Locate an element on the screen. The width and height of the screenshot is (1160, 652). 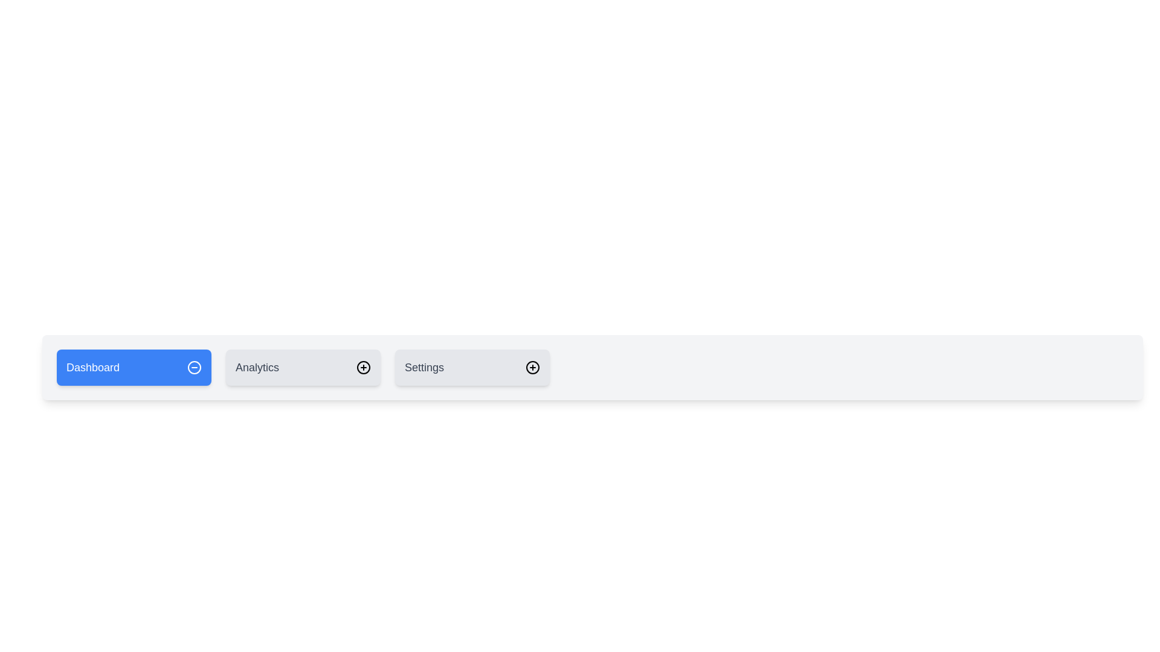
the settings button, which is the third button in a horizontal list within a toolbar, located between the 'Analytics' button and a blank area is located at coordinates (472, 367).